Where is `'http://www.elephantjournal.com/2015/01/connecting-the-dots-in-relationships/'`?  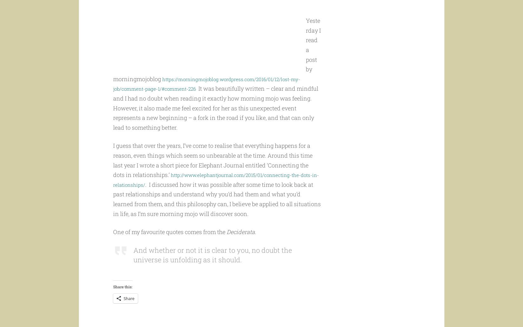 'http://www.elephantjournal.com/2015/01/connecting-the-dots-in-relationships/' is located at coordinates (212, 191).